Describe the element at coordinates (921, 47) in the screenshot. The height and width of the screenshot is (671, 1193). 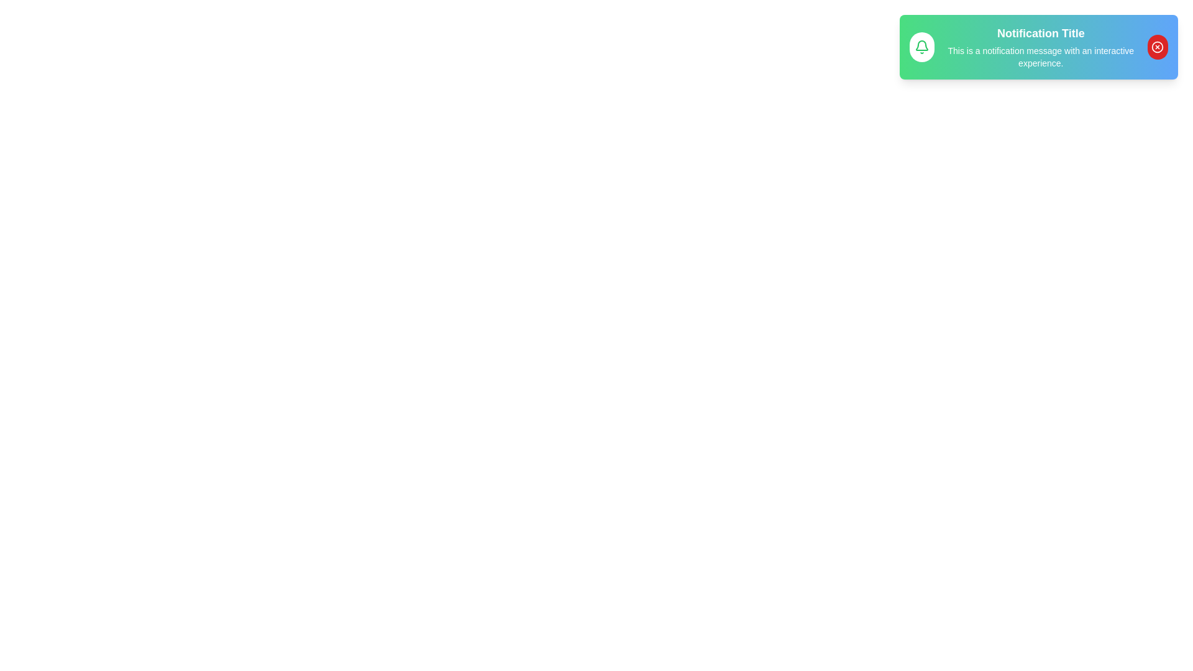
I see `the notification's bell icon to inspect it visually` at that location.